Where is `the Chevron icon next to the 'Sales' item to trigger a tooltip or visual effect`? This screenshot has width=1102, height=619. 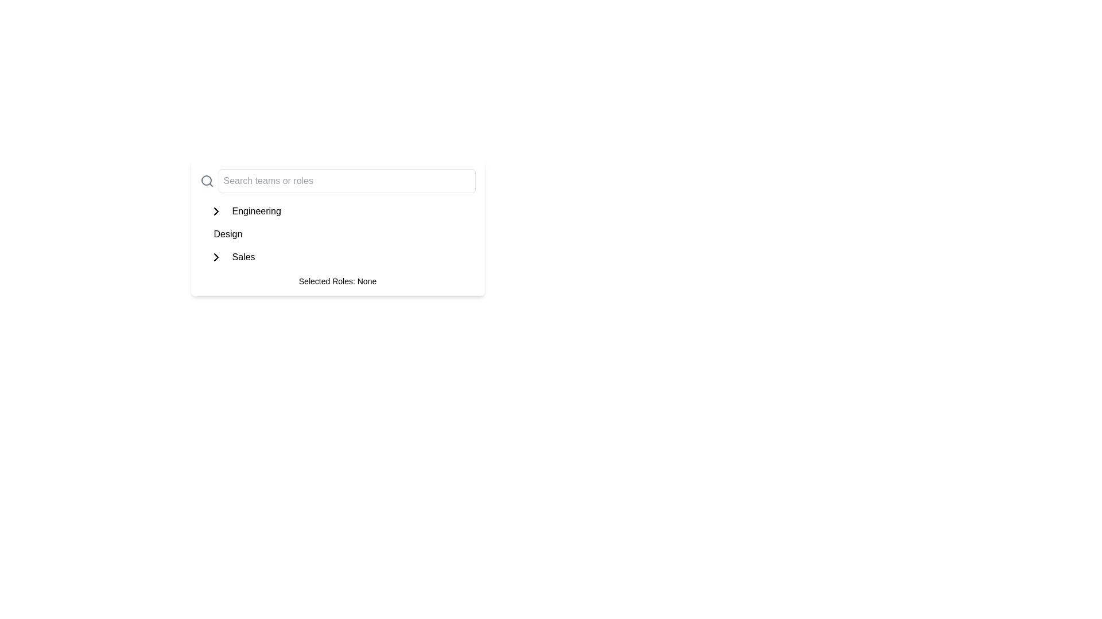 the Chevron icon next to the 'Sales' item to trigger a tooltip or visual effect is located at coordinates (216, 211).